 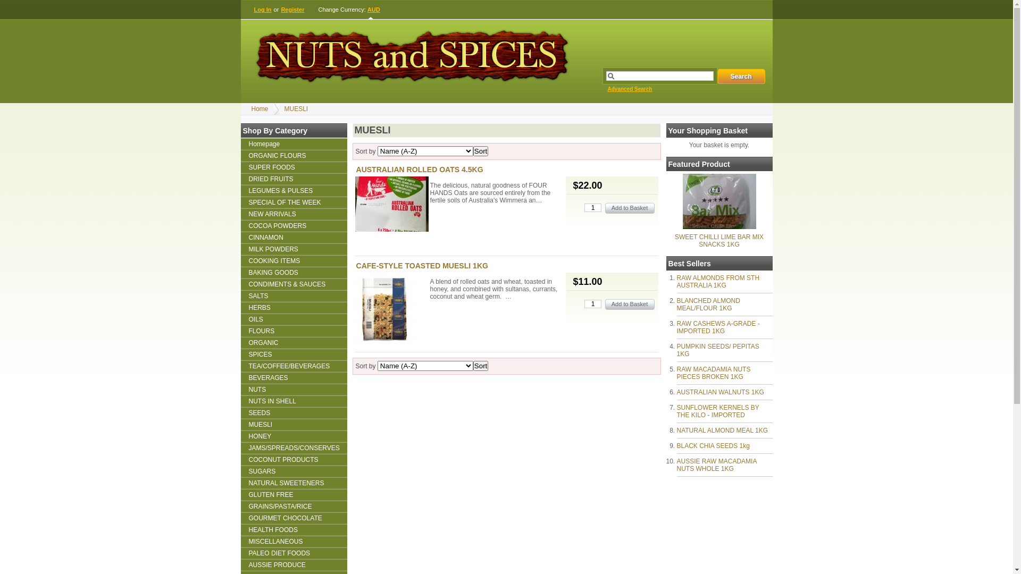 I want to click on 'AUSSIE RAW MACADAMIA NUTS WHOLE 1KG', so click(x=716, y=465).